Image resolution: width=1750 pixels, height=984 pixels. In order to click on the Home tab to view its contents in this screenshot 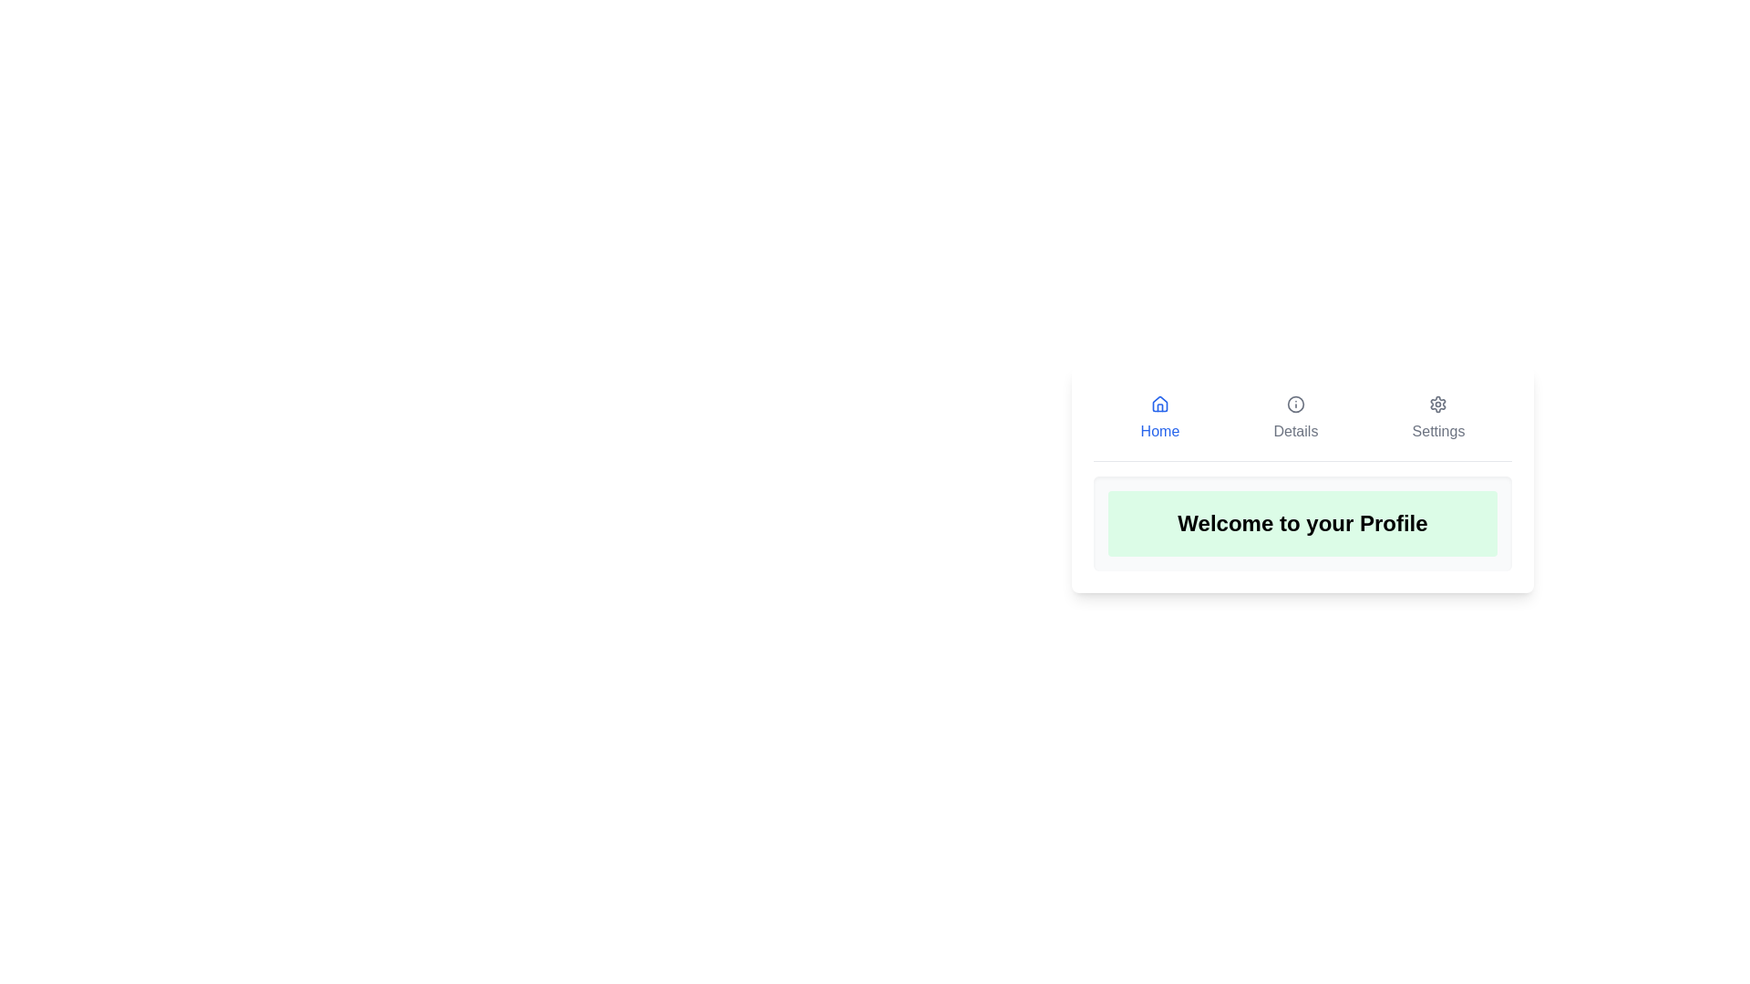, I will do `click(1158, 418)`.